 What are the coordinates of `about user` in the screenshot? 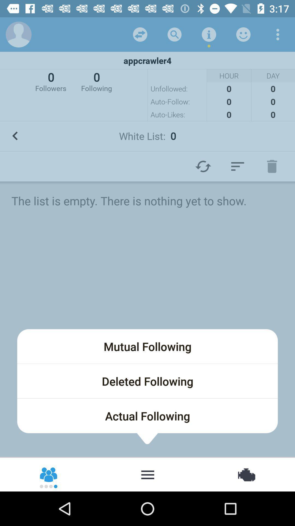 It's located at (243, 34).